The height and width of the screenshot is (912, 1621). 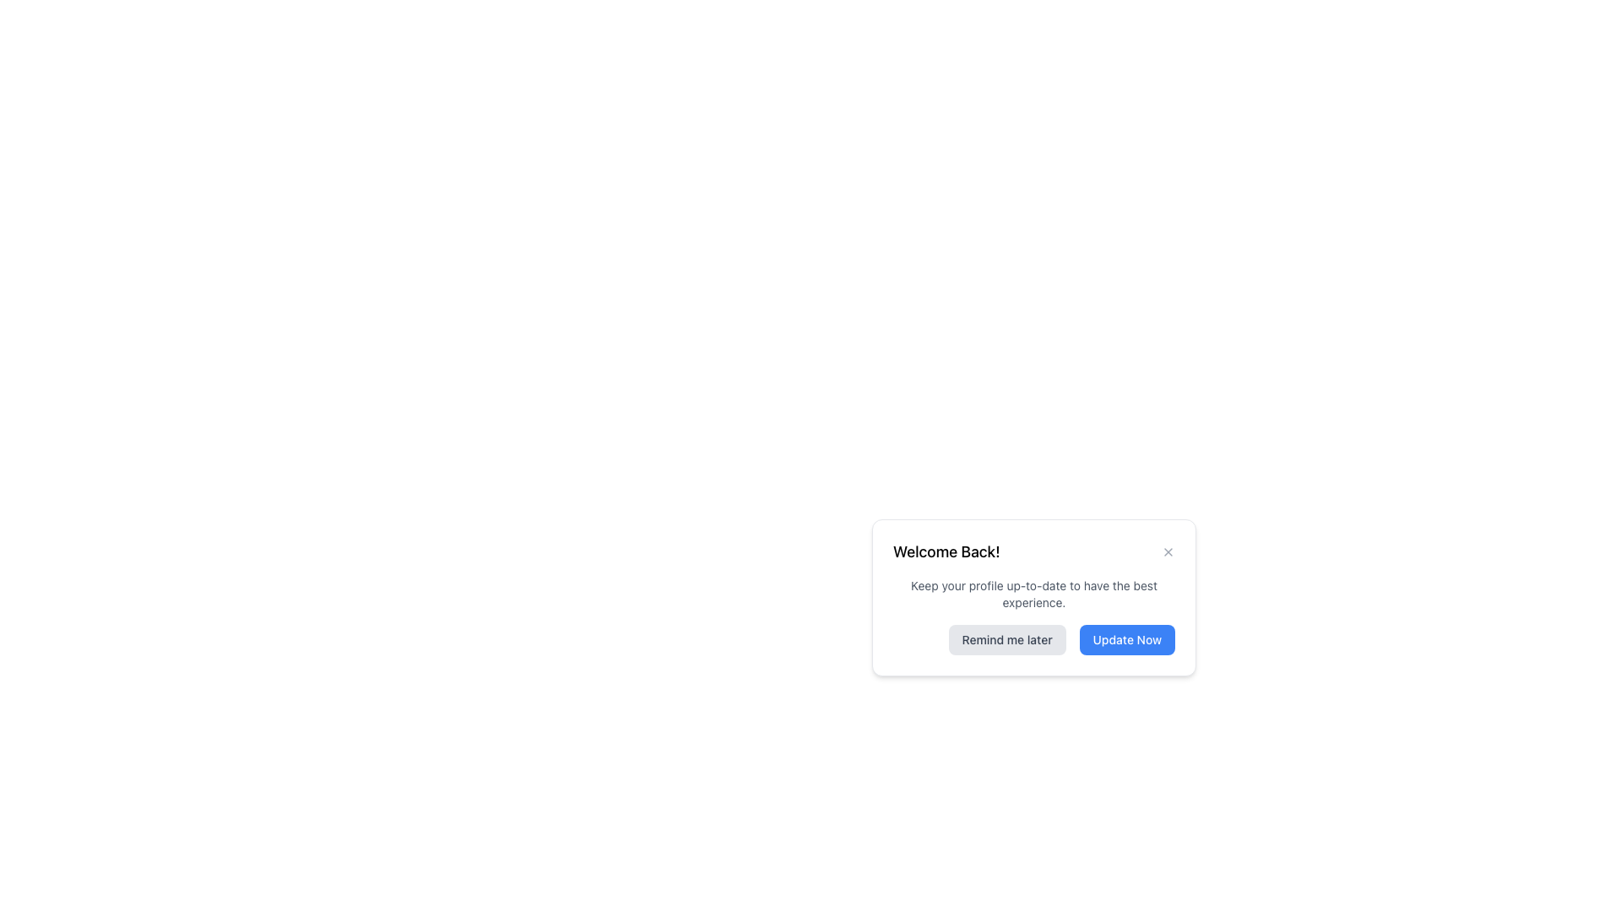 What do you see at coordinates (946, 552) in the screenshot?
I see `the static text label displaying 'Welcome Back!' in bold black font located at the top-left of the dialogue box` at bounding box center [946, 552].